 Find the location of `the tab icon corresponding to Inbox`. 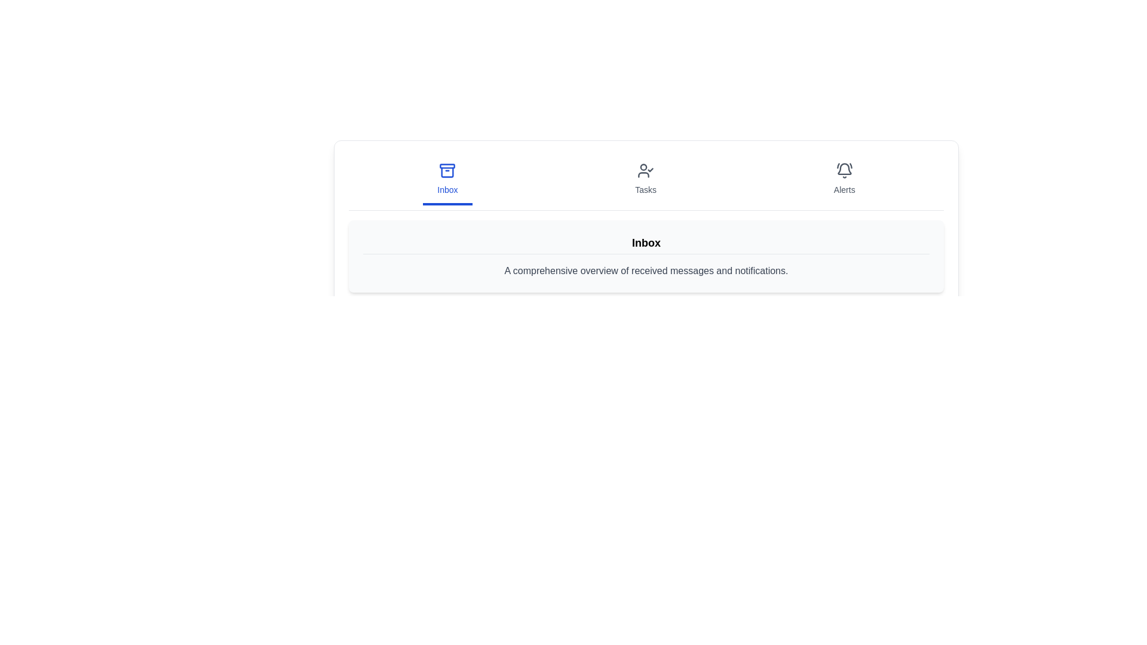

the tab icon corresponding to Inbox is located at coordinates (447, 180).